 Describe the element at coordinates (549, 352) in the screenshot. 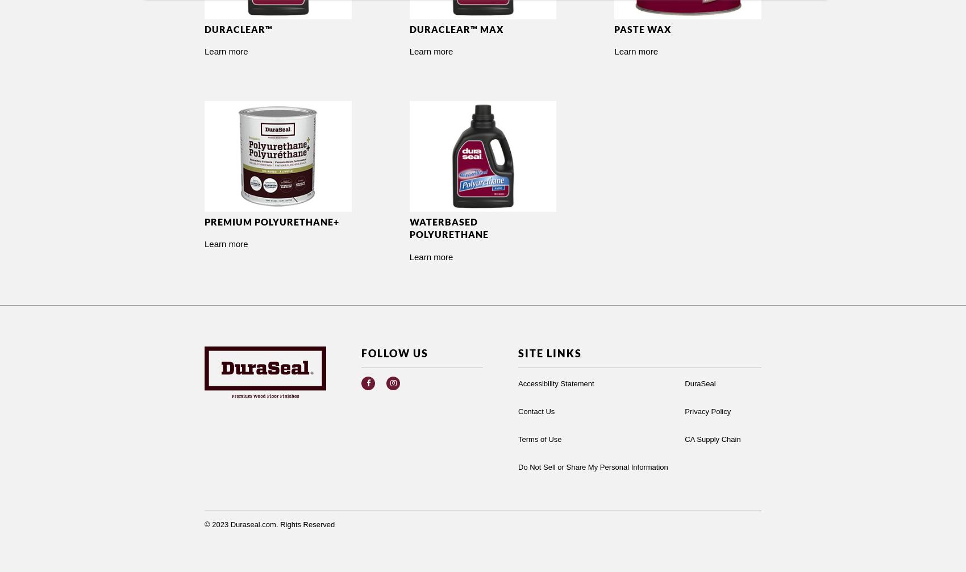

I see `'Site Links'` at that location.